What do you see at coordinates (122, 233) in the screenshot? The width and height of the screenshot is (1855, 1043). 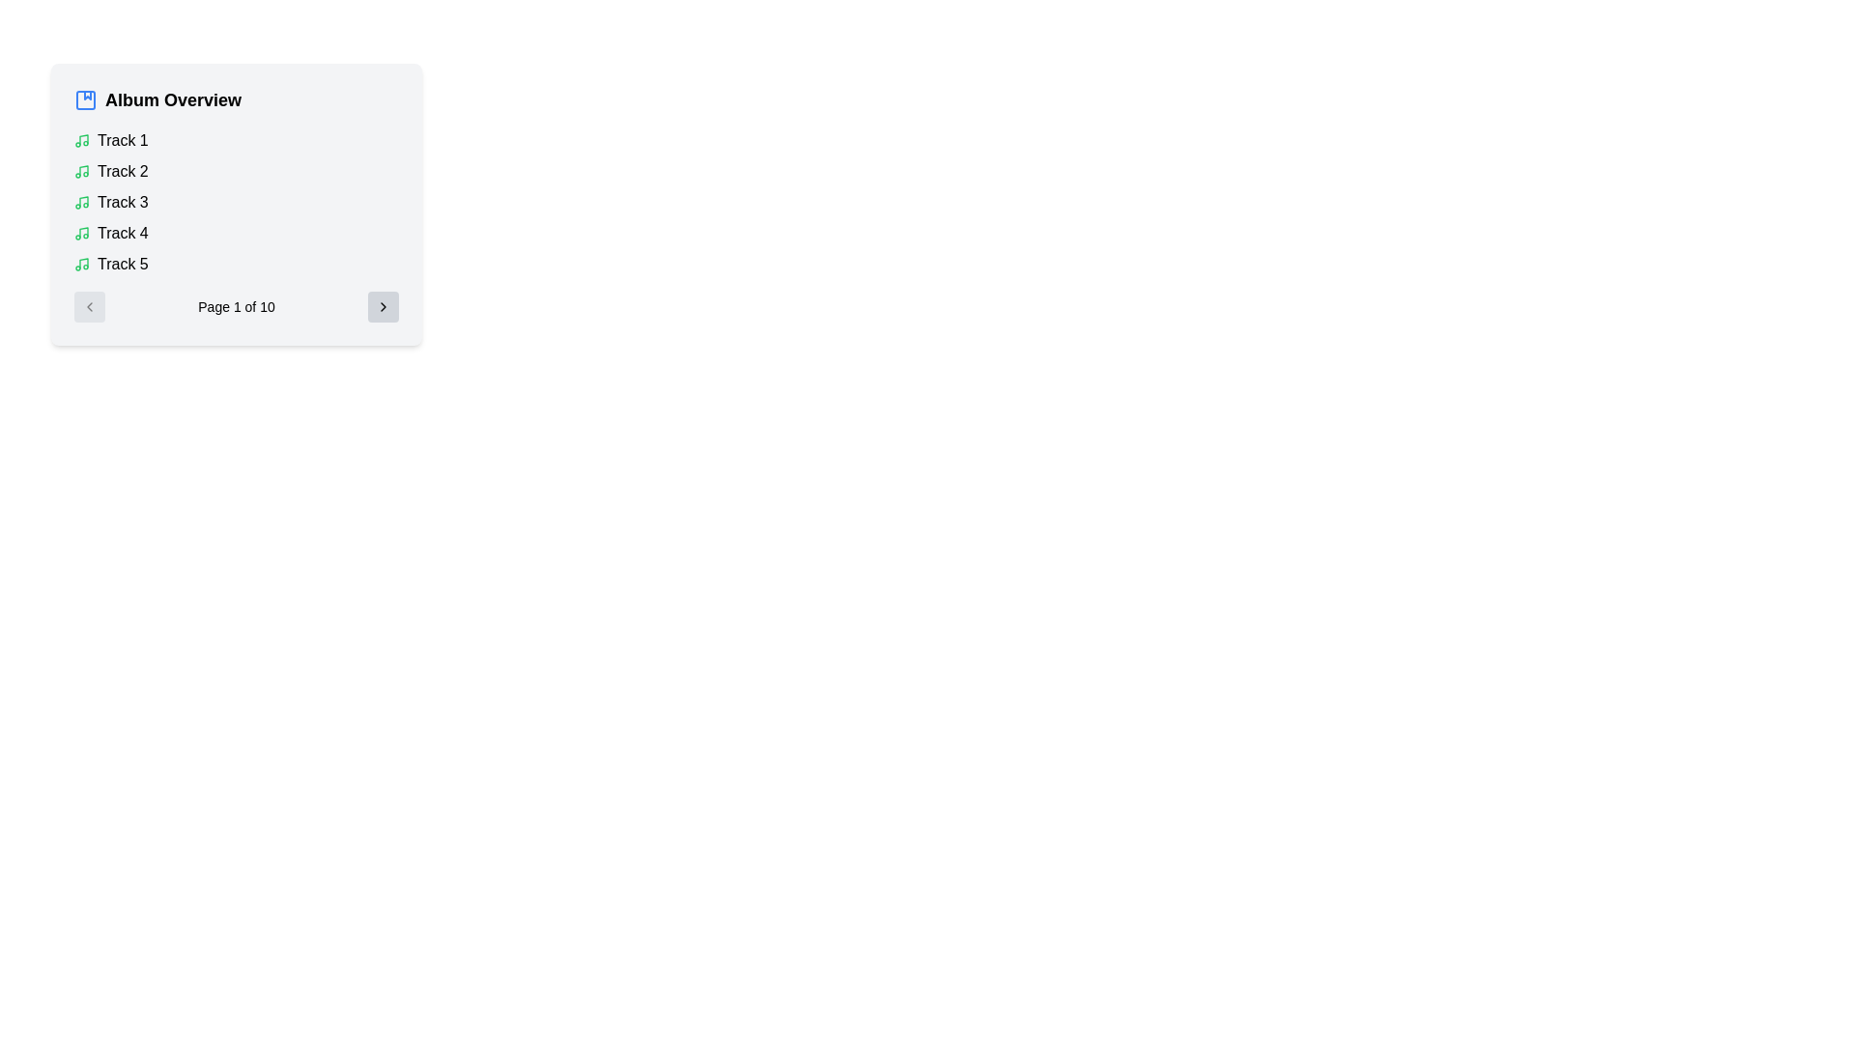 I see `the selectable text label for 'Track 4' in the album overview list` at bounding box center [122, 233].